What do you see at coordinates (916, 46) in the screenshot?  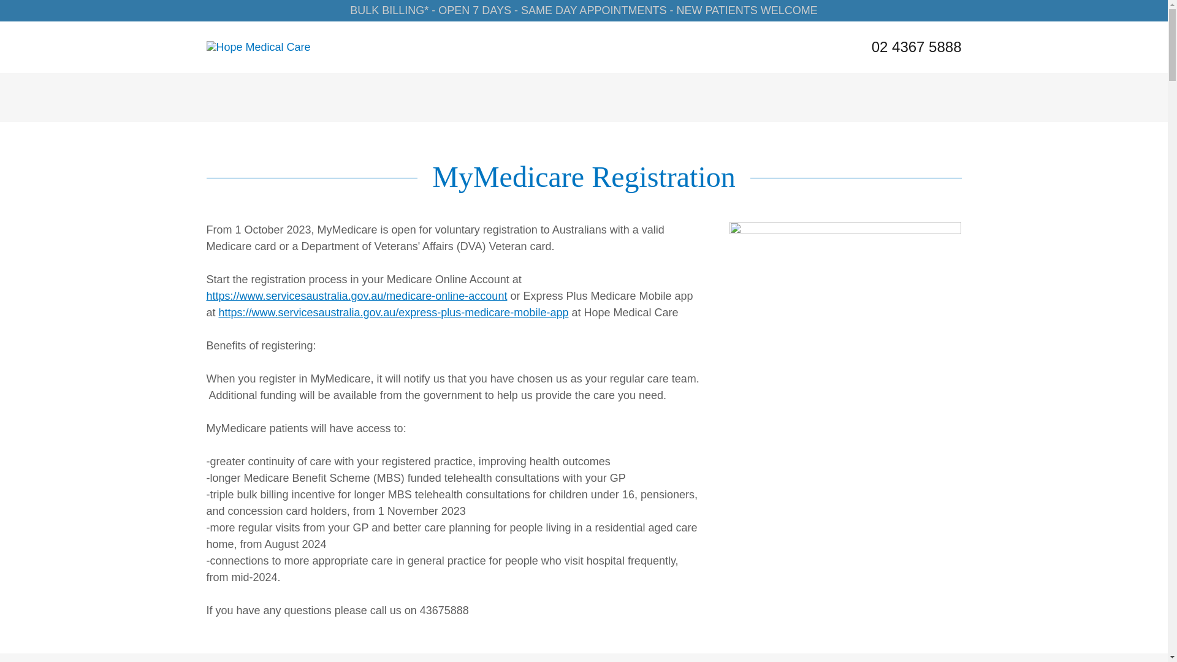 I see `'02 4367 5888'` at bounding box center [916, 46].